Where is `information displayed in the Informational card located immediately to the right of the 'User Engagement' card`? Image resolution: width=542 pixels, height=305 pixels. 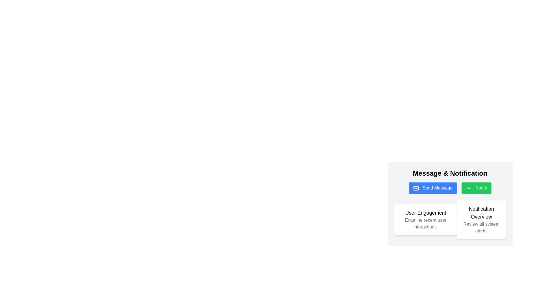
information displayed in the Informational card located immediately to the right of the 'User Engagement' card is located at coordinates (481, 219).